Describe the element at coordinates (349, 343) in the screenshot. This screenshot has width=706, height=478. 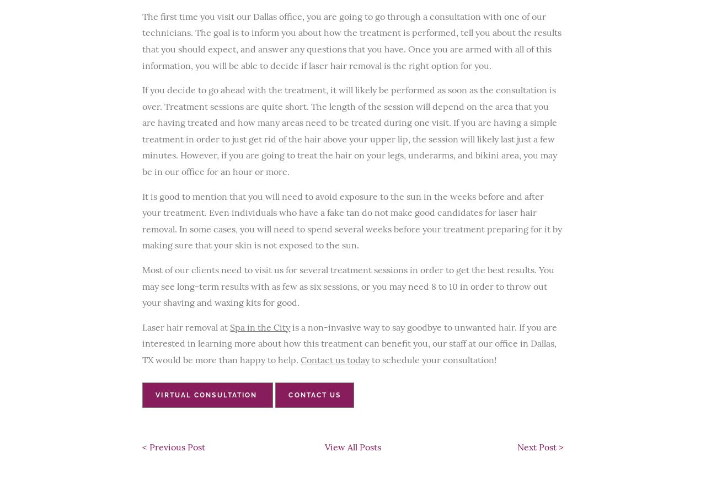
I see `'is a non-invasive way to say goodbye to unwanted hair. If you are interested in learning more about how this treatment can benefit you, our staff at our office in Dallas, TX would be more than happy to help.'` at that location.